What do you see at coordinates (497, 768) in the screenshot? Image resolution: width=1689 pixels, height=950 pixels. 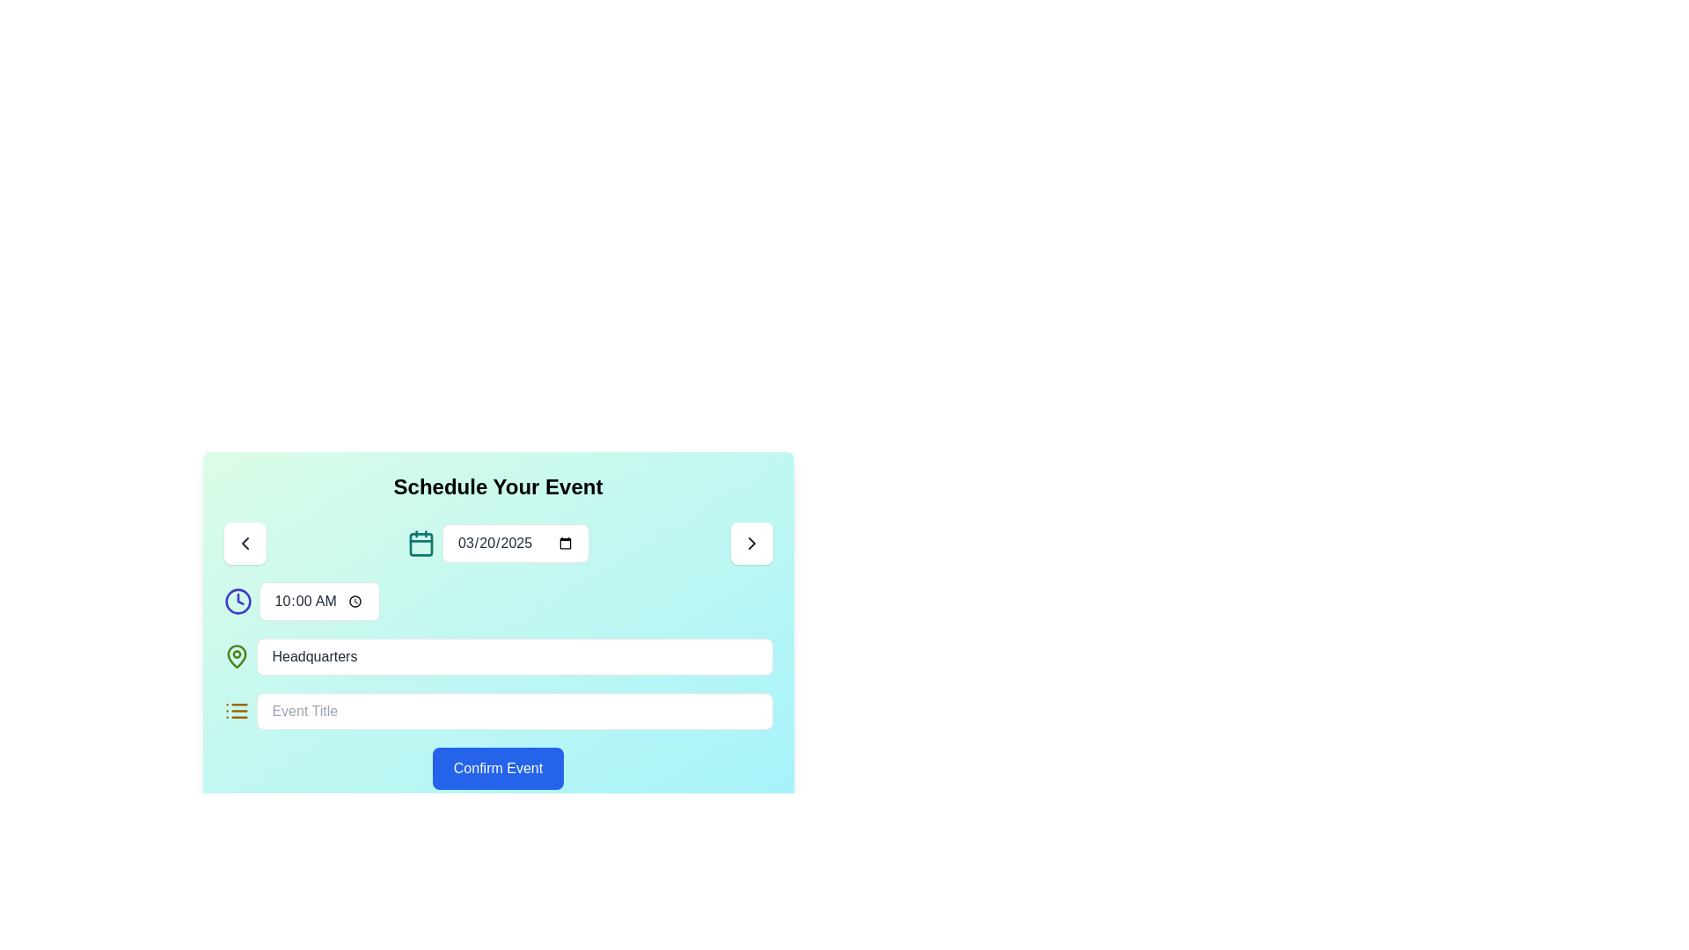 I see `the confirmation button for scheduling an event located at the bottom of the 'Schedule Your Event' panel` at bounding box center [497, 768].